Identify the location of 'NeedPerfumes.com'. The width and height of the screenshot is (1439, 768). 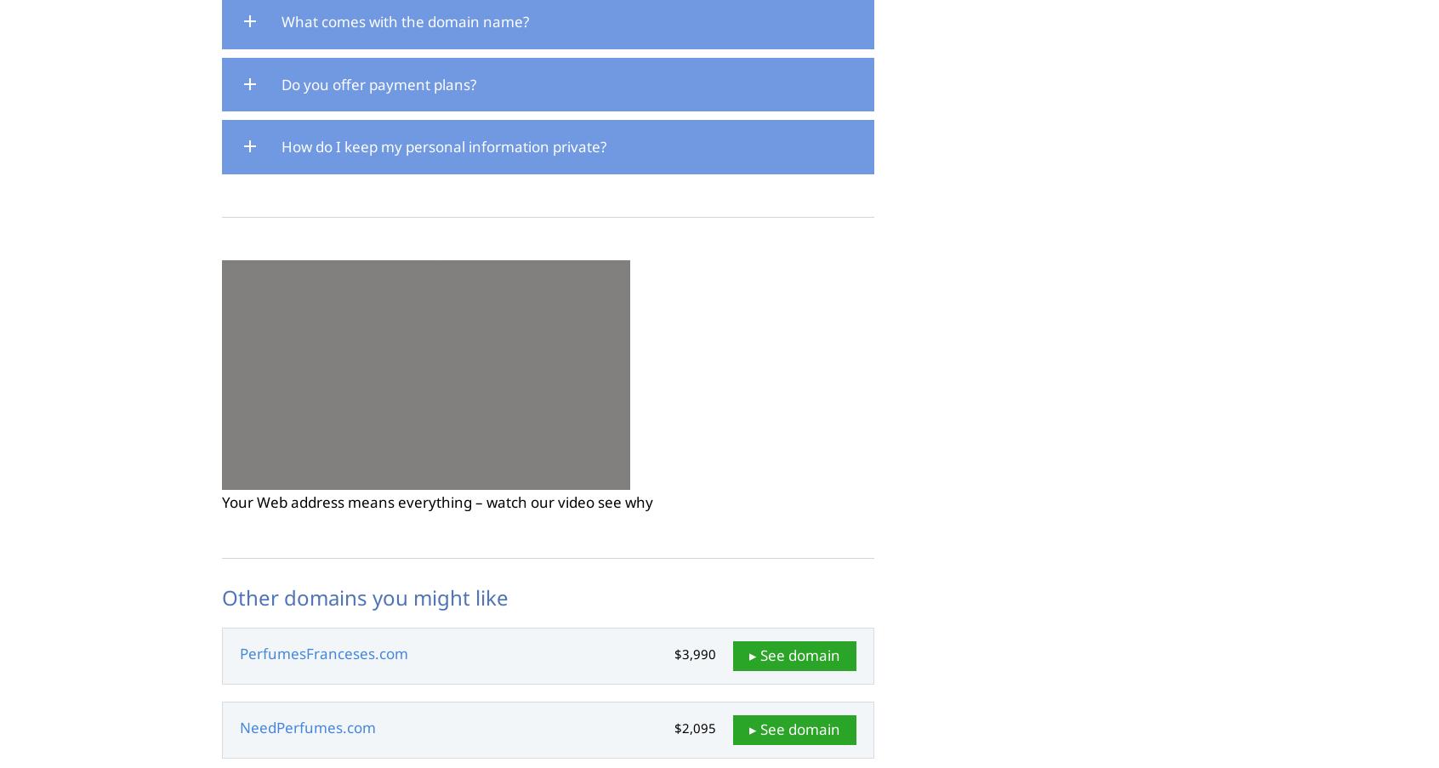
(240, 727).